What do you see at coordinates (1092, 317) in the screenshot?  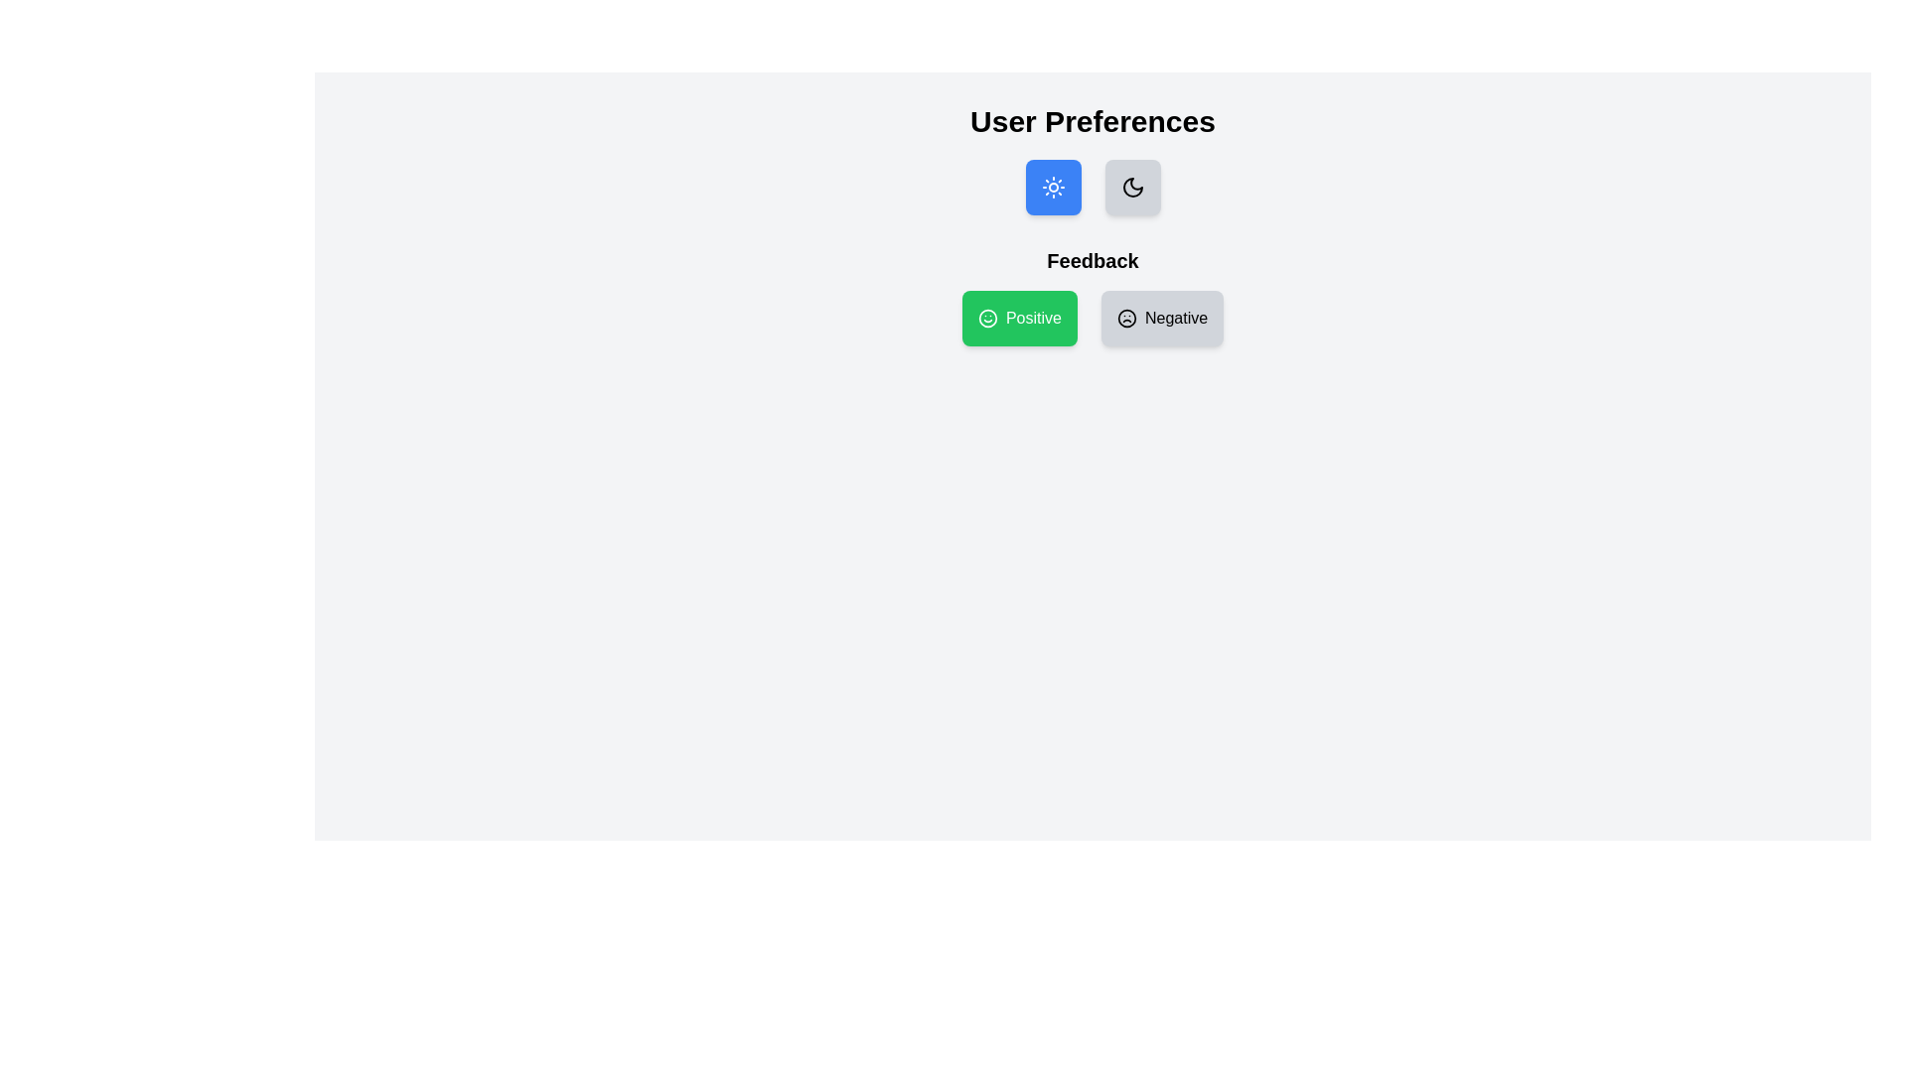 I see `the 'Positive' button, which is a green button with a happy face icon, located in the Feedback section below the User Preferences title` at bounding box center [1092, 317].